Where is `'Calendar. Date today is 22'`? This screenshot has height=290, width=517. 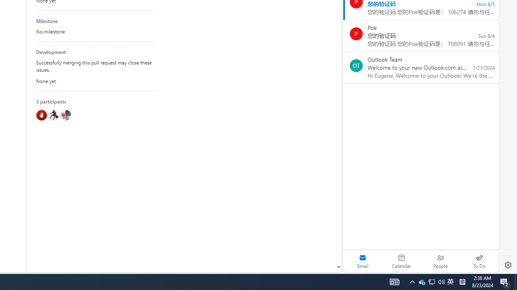 'Calendar. Date today is 22' is located at coordinates (401, 261).